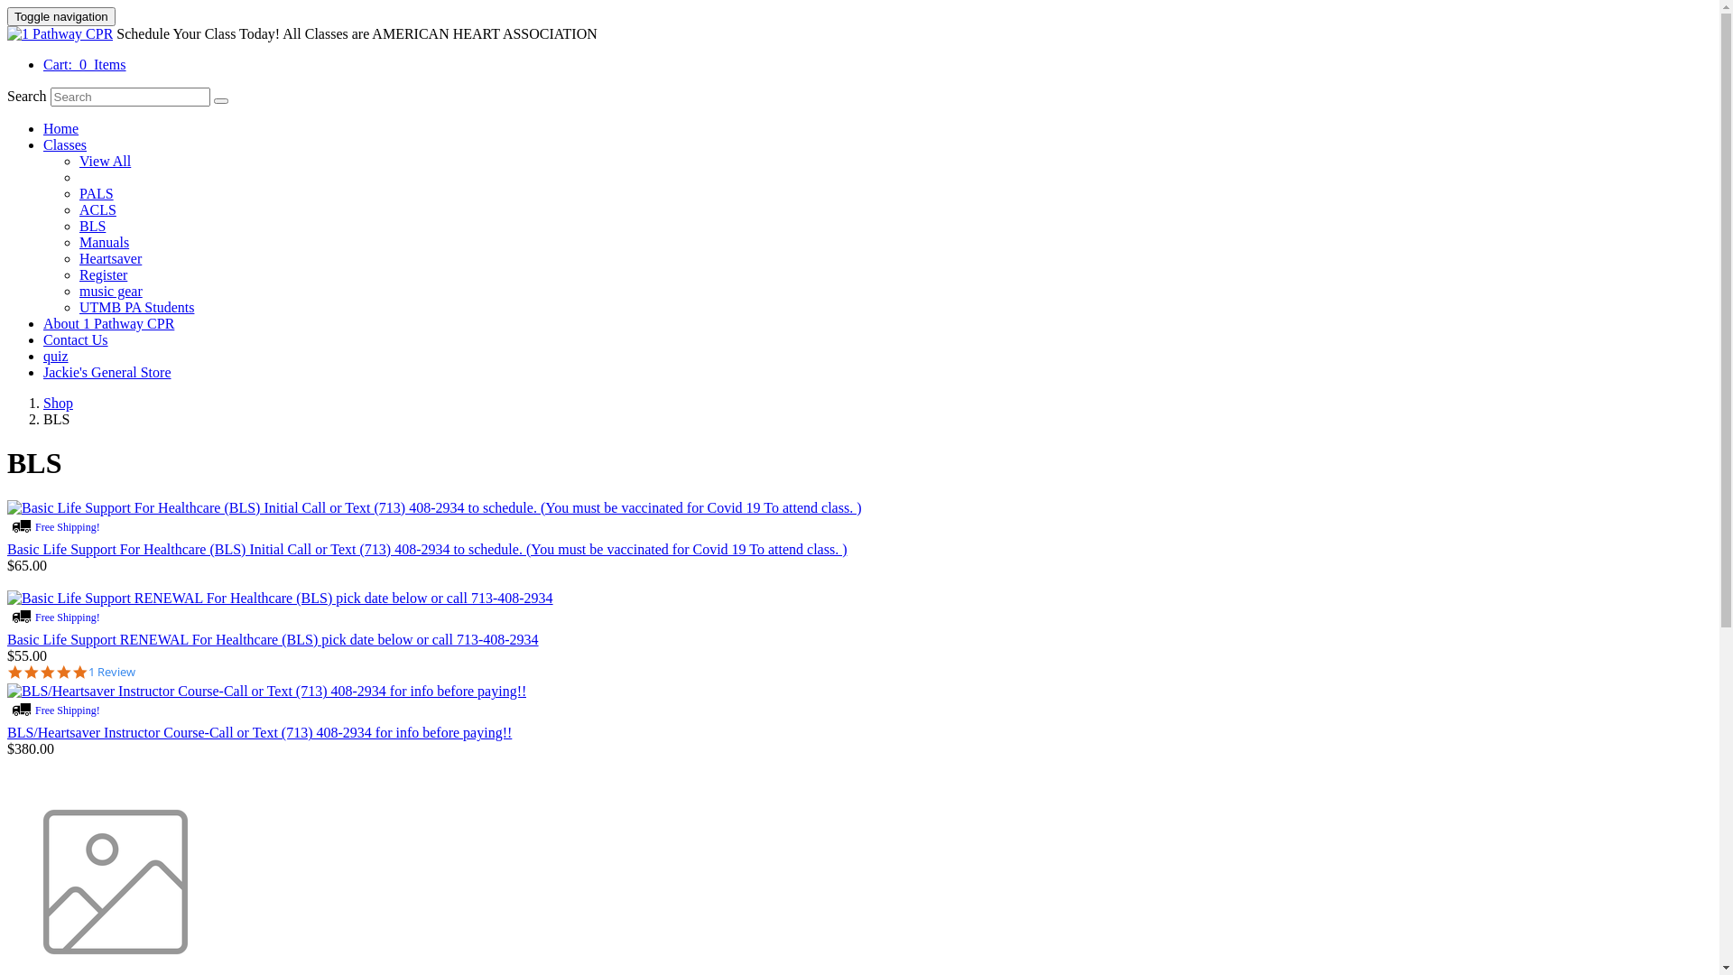 The width and height of the screenshot is (1733, 975). Describe the element at coordinates (43, 402) in the screenshot. I see `'Shop'` at that location.